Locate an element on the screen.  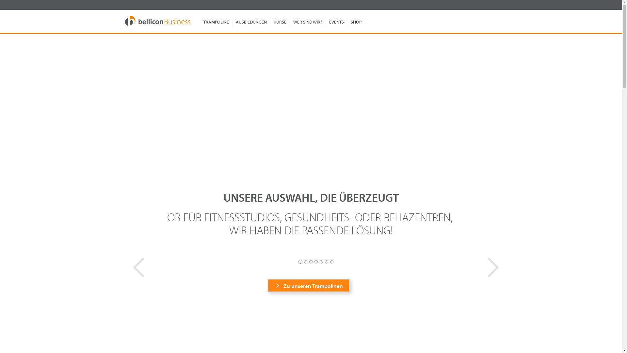
'TRAMPOLINE' is located at coordinates (216, 21).